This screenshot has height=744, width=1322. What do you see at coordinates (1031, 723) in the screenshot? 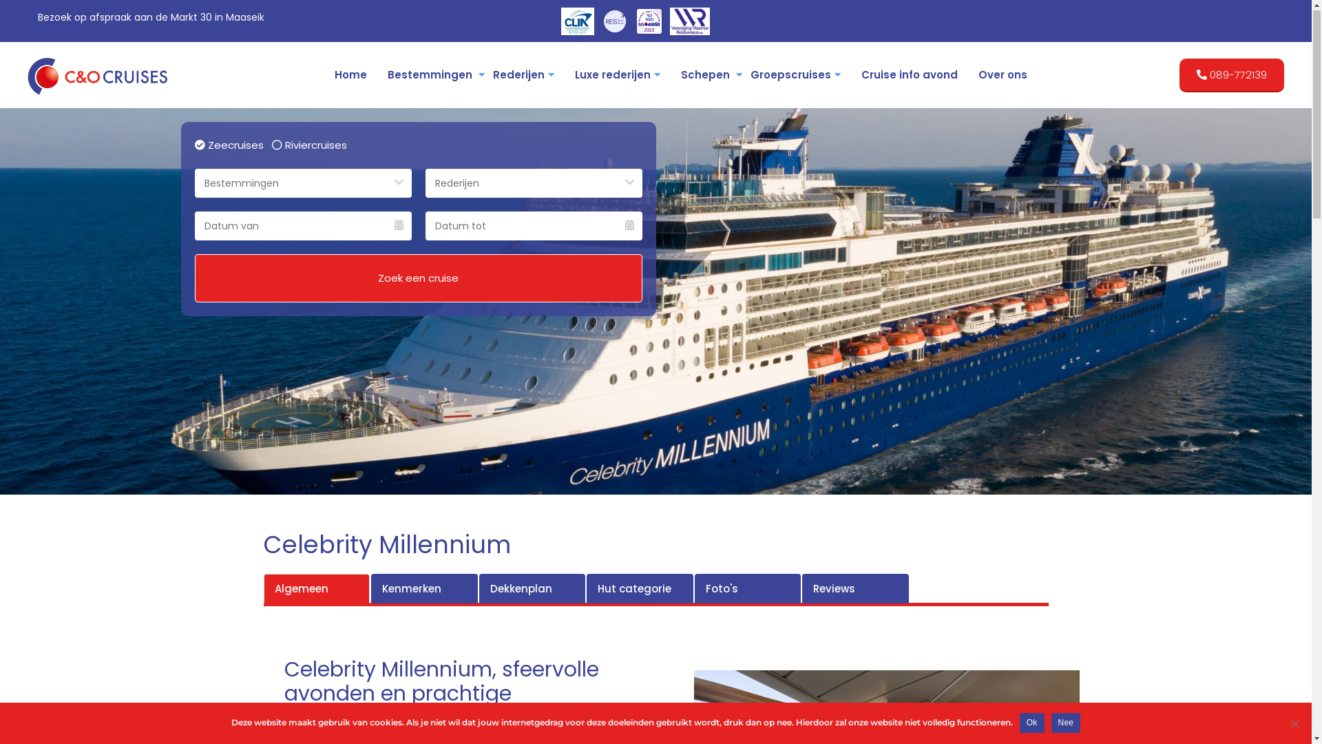
I see `'Ok'` at bounding box center [1031, 723].